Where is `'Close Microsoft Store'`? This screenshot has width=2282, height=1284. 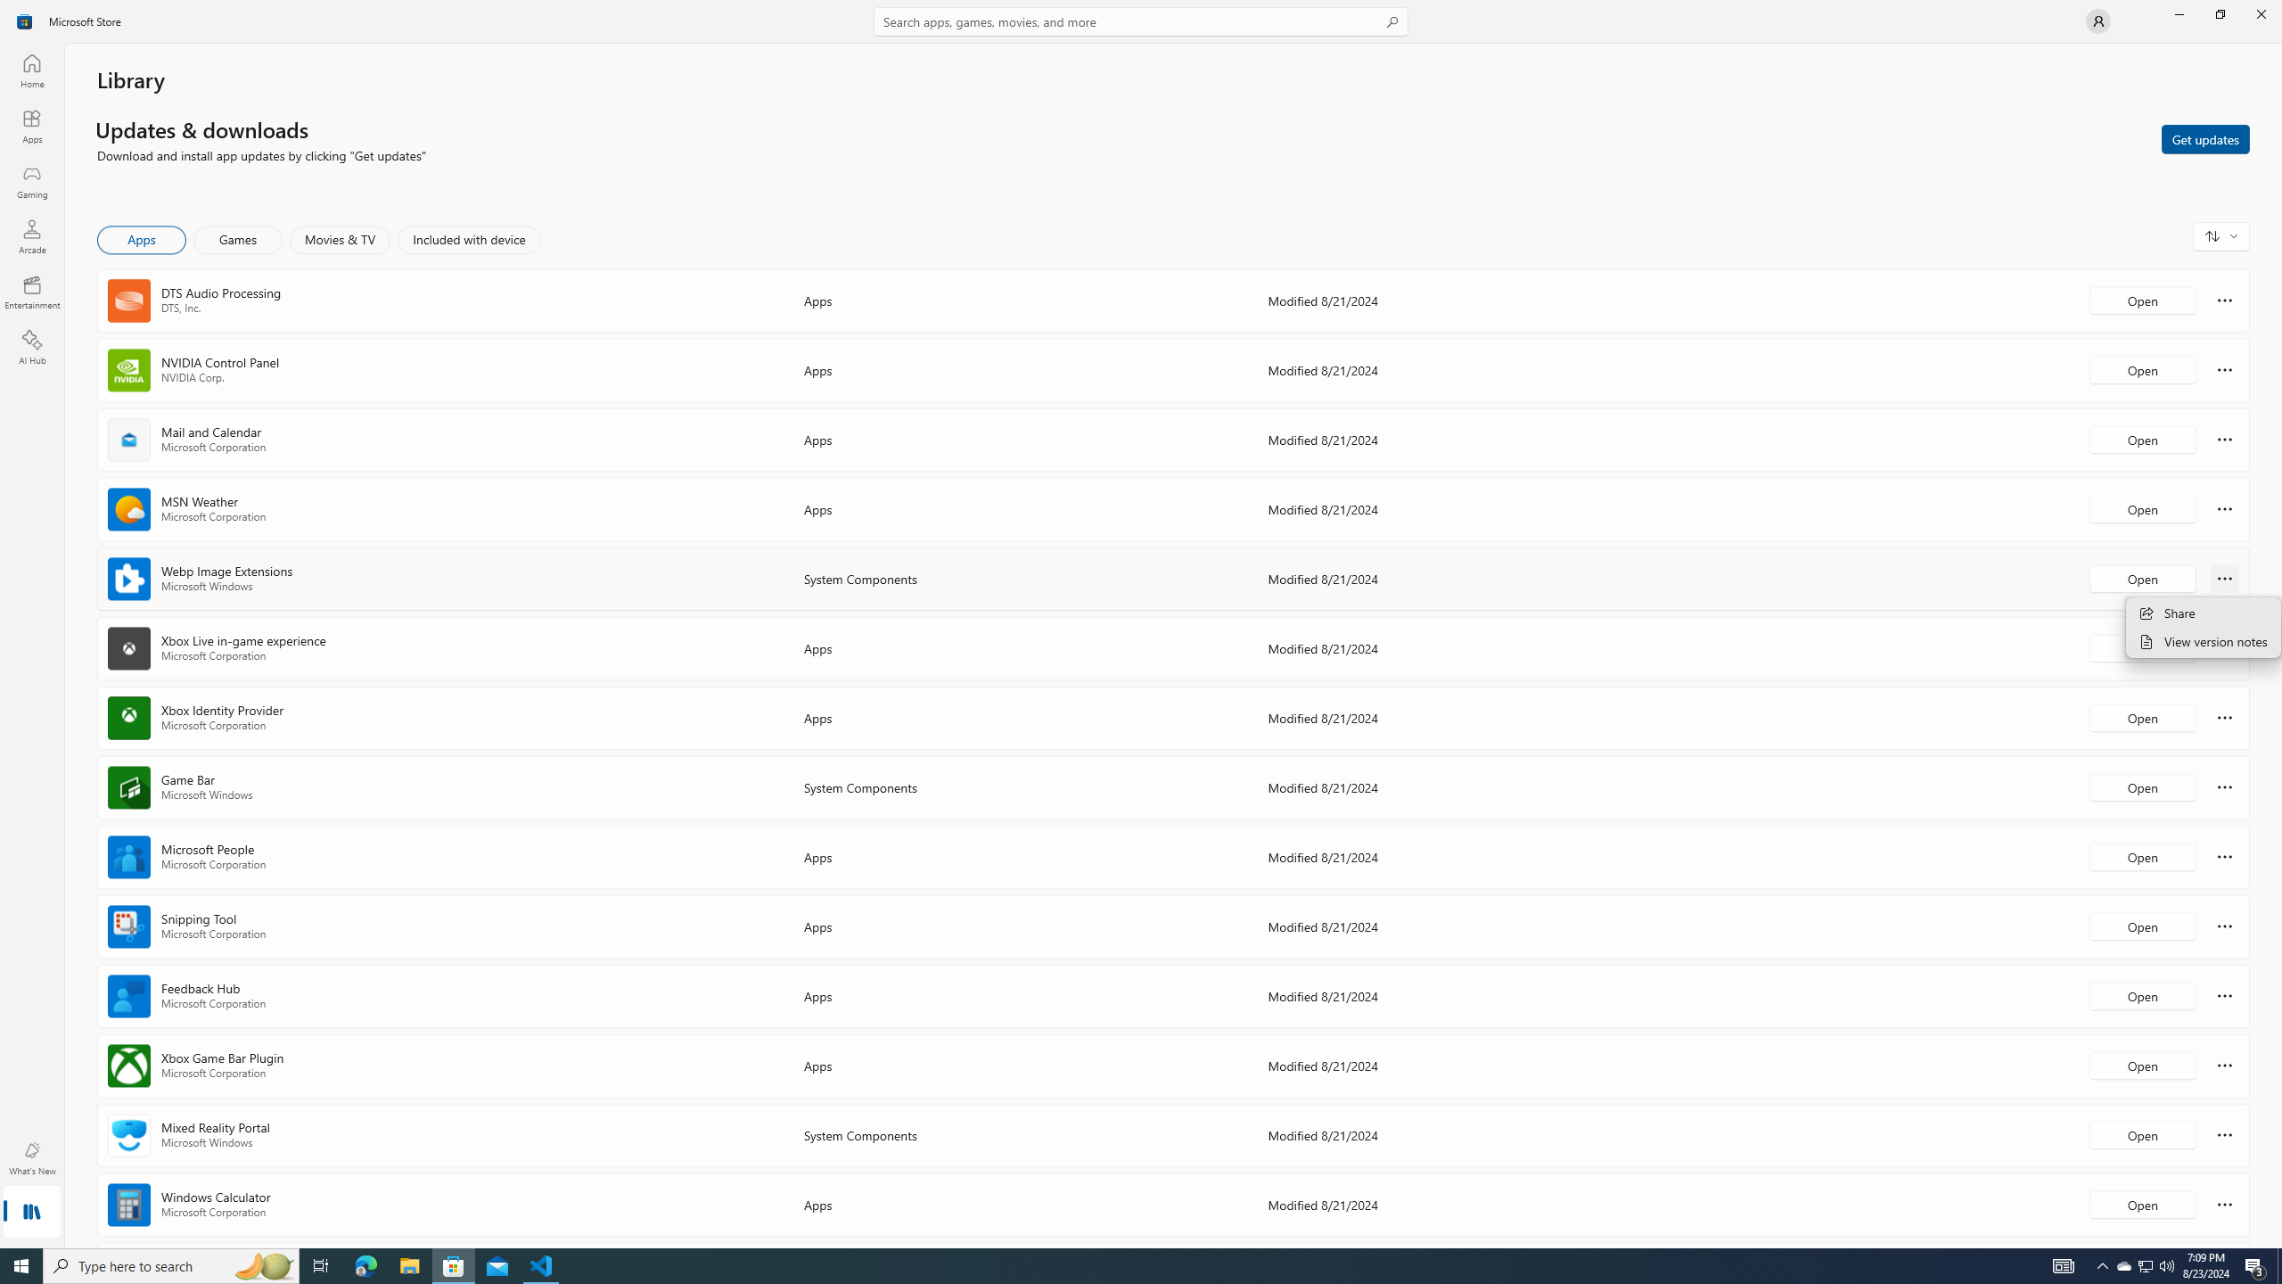
'Close Microsoft Store' is located at coordinates (2260, 13).